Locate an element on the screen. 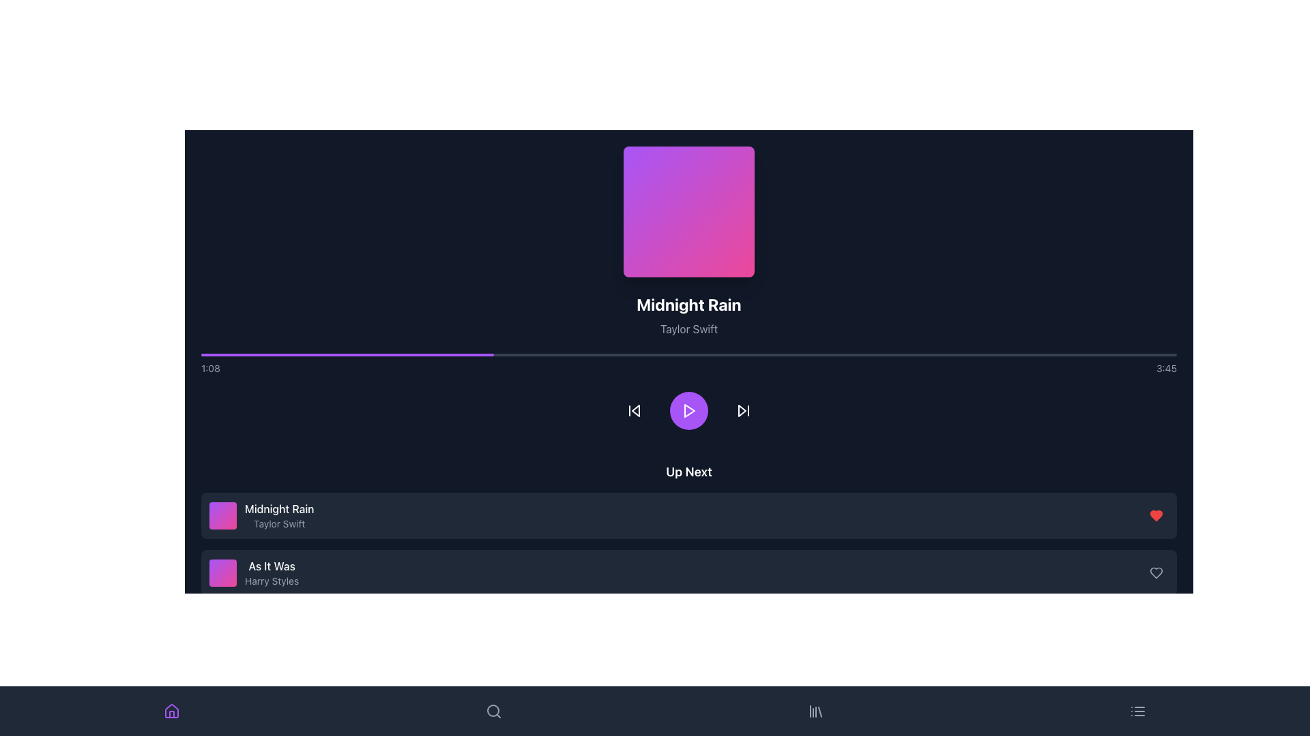 This screenshot has width=1310, height=736. the decorative square component with a gradient background transitioning from purple to pink, located to the left of the textual information 'Midnight Rain' and 'Taylor Swift' is located at coordinates (222, 515).